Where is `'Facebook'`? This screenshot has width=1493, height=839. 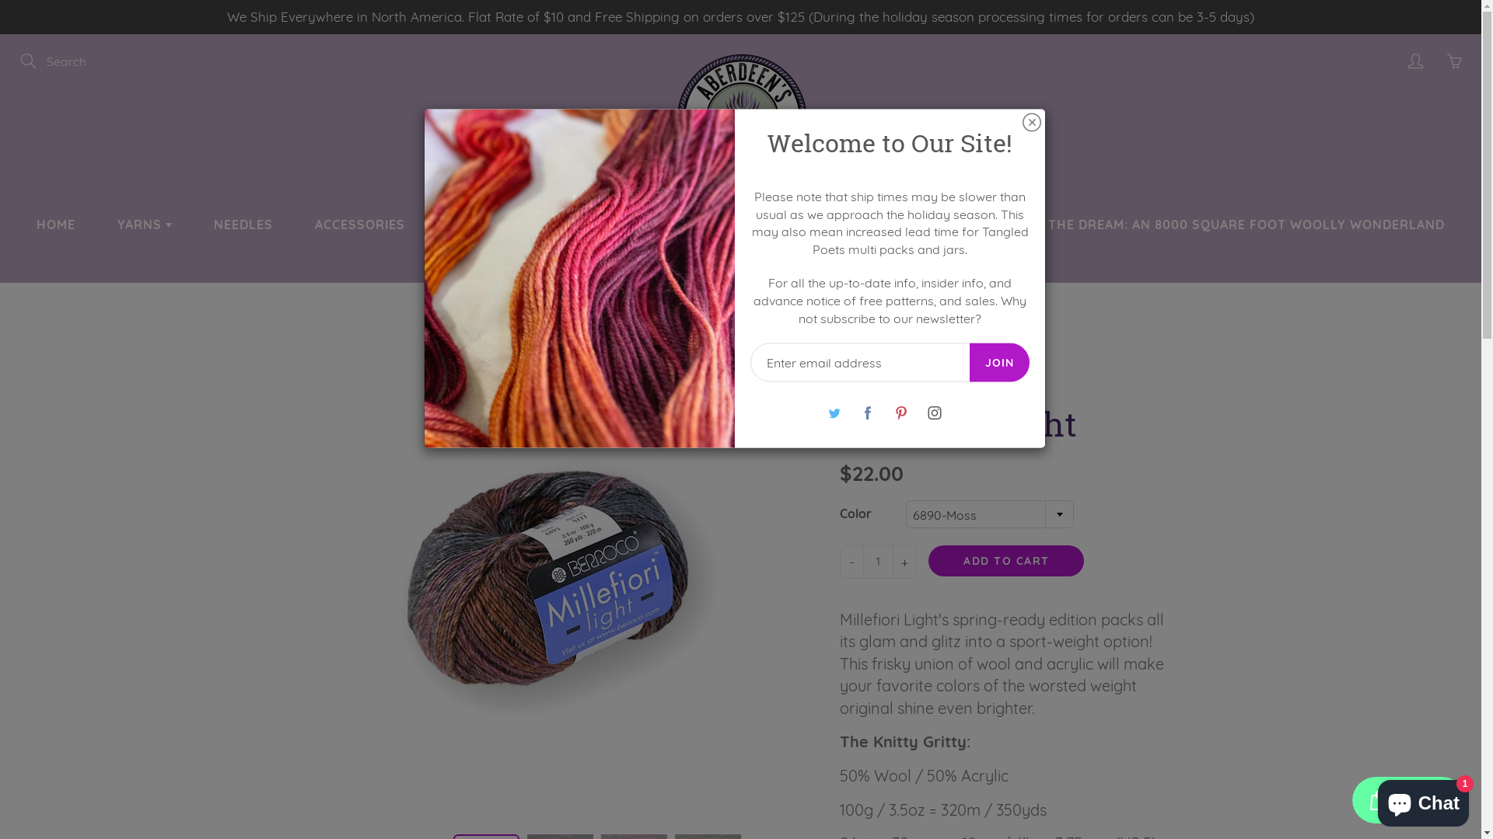
'Facebook' is located at coordinates (866, 412).